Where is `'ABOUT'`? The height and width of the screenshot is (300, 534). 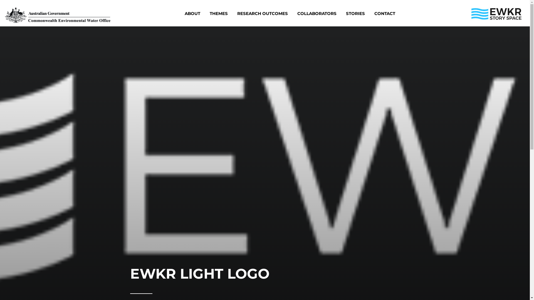 'ABOUT' is located at coordinates (192, 13).